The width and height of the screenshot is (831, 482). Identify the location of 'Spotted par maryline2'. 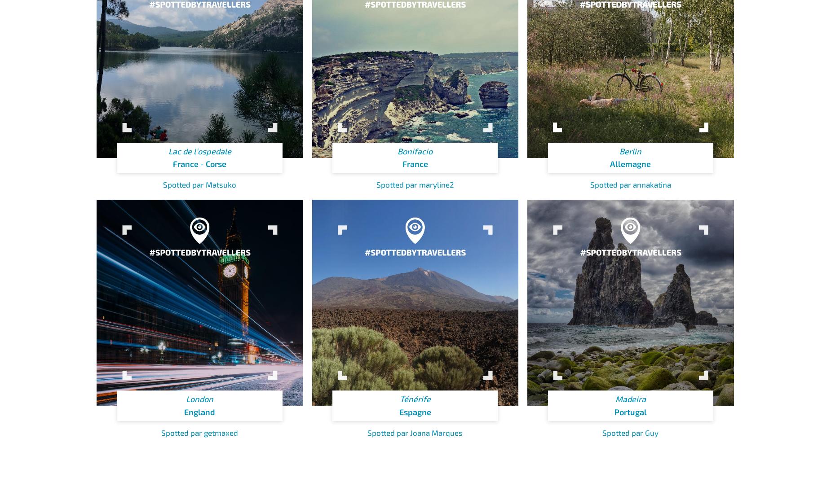
(415, 184).